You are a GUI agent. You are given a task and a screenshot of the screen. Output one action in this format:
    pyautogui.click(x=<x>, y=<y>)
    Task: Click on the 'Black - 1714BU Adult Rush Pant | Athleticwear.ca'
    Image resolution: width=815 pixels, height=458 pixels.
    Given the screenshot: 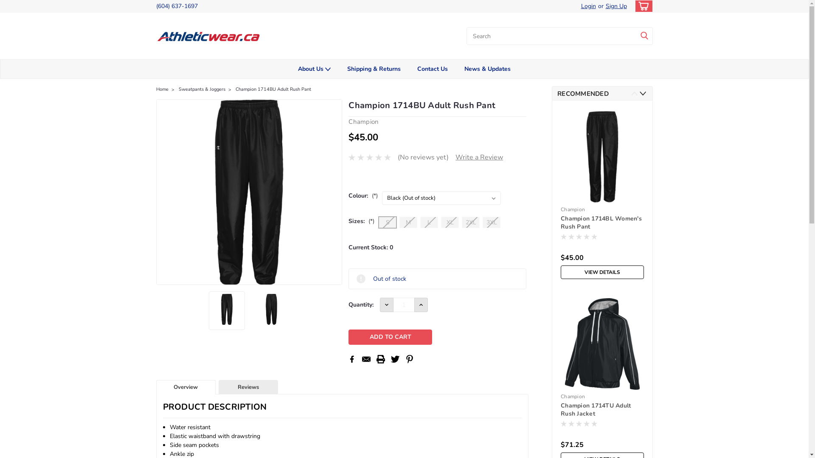 What is the action you would take?
    pyautogui.click(x=249, y=192)
    